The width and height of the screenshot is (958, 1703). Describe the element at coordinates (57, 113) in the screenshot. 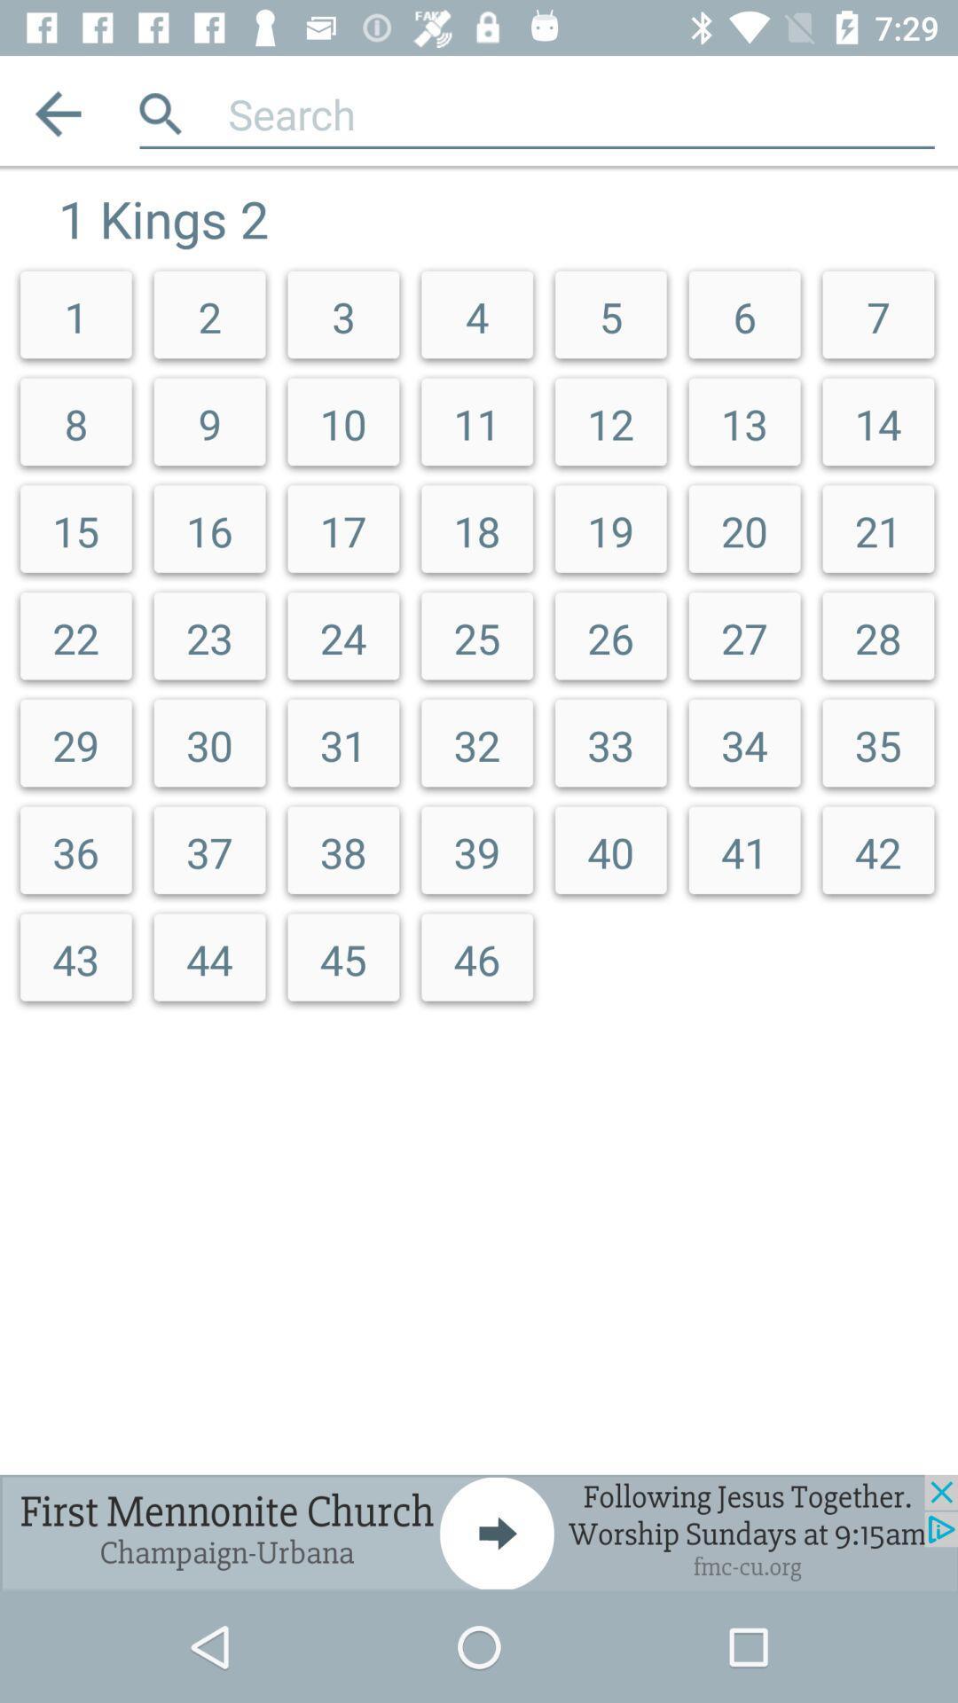

I see `go back` at that location.